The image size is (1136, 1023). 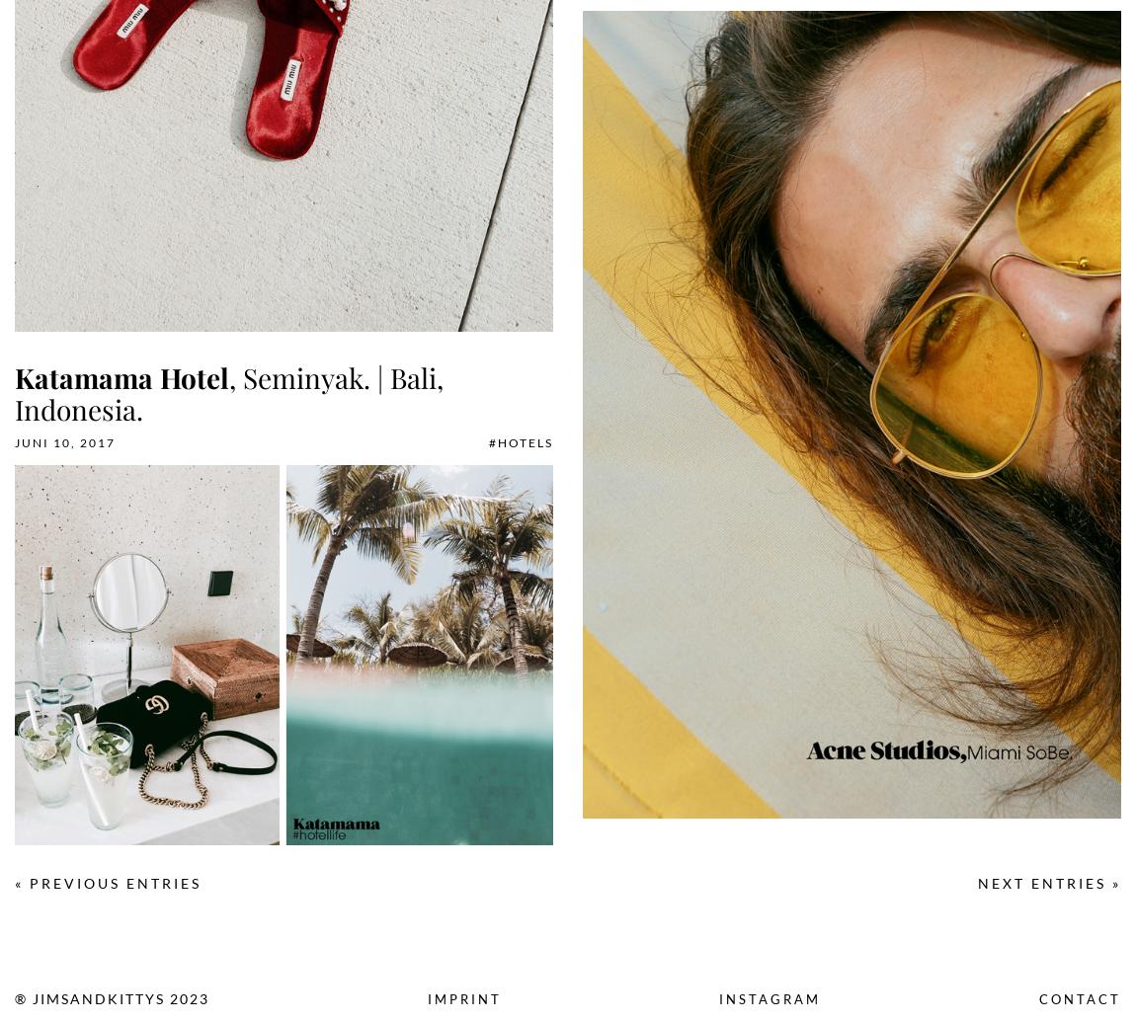 I want to click on '® Jimsandkittys 2023', so click(x=111, y=997).